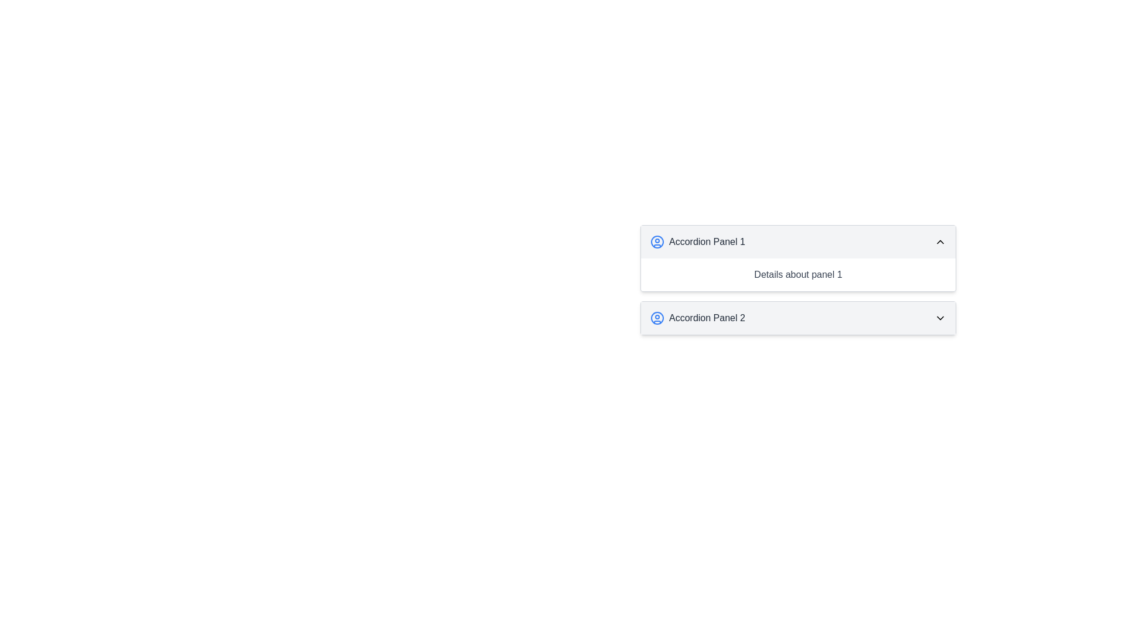 This screenshot has height=633, width=1125. What do you see at coordinates (657, 318) in the screenshot?
I see `the circular graphical representation with a blue outline located to the left of the text label 'Accordion Panel 2' in the dropdown interface` at bounding box center [657, 318].